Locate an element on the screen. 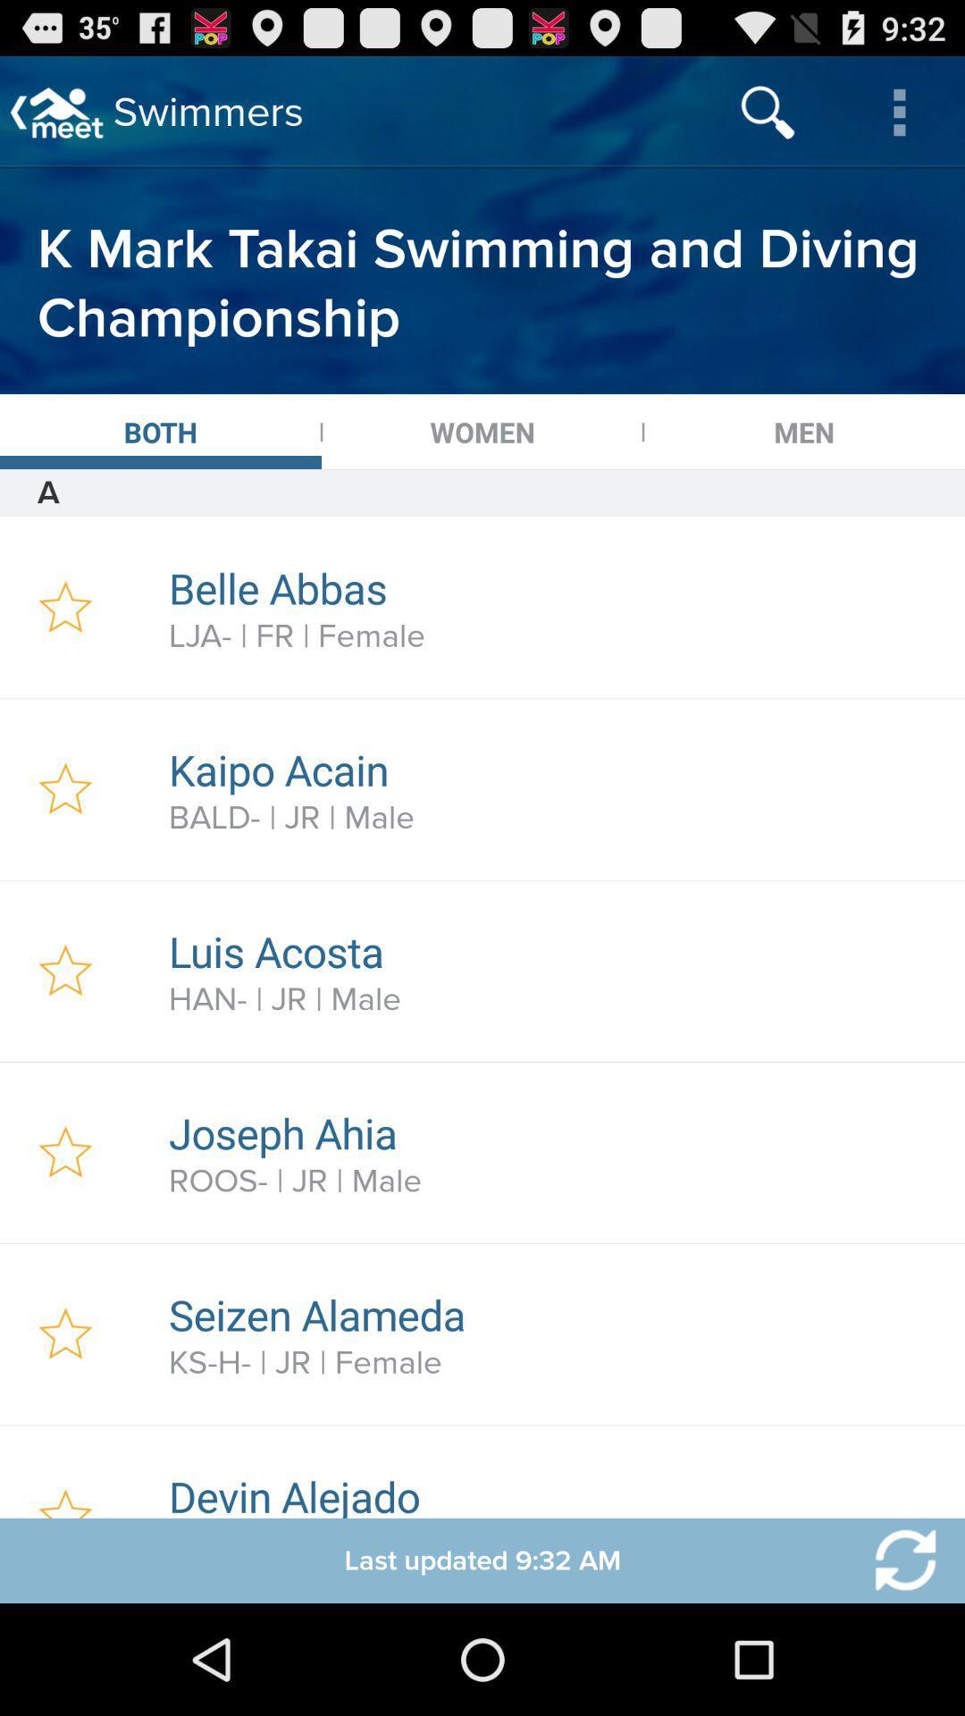 Image resolution: width=965 pixels, height=1716 pixels. icon below the k mark takai item is located at coordinates (161, 432).